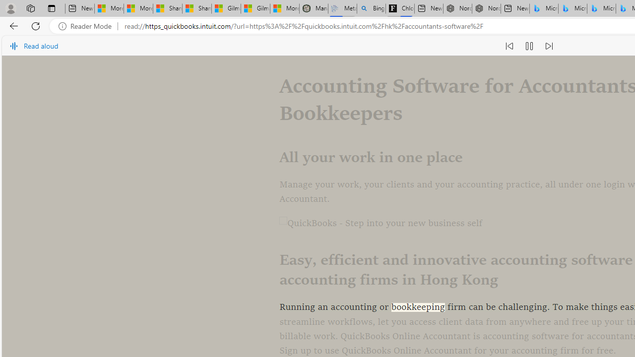 Image resolution: width=635 pixels, height=357 pixels. Describe the element at coordinates (548, 46) in the screenshot. I see `'Read next paragraph'` at that location.